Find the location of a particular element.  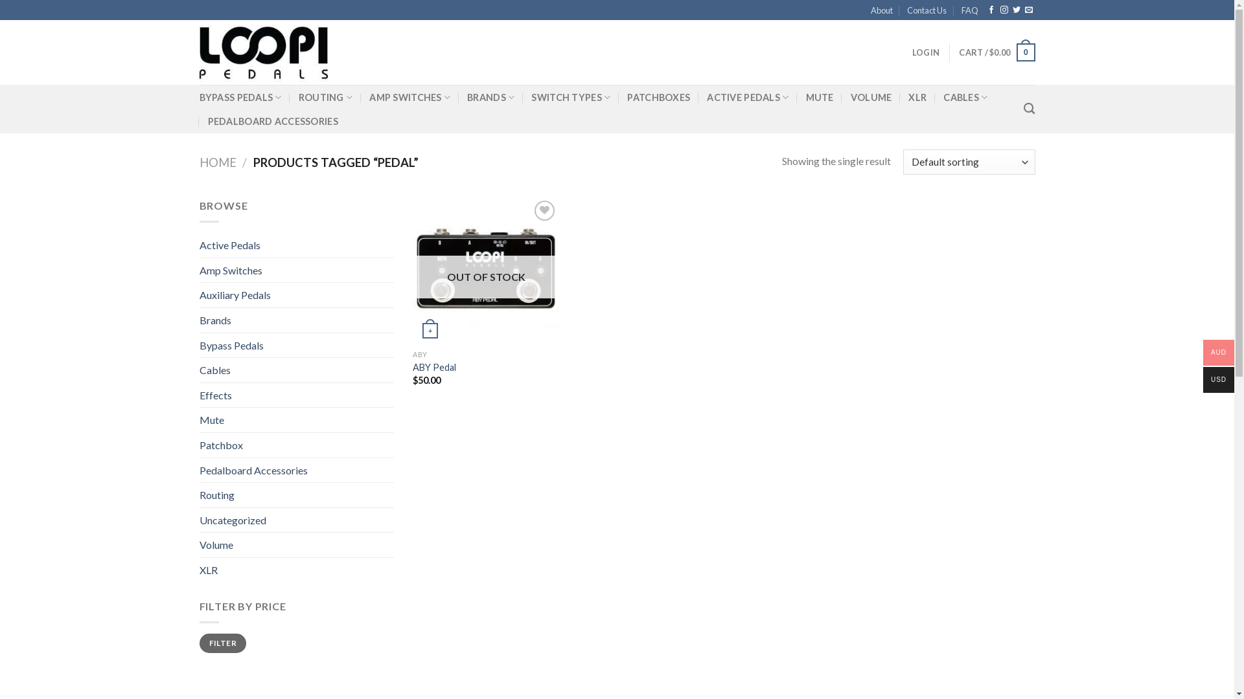

'FILTER' is located at coordinates (223, 643).